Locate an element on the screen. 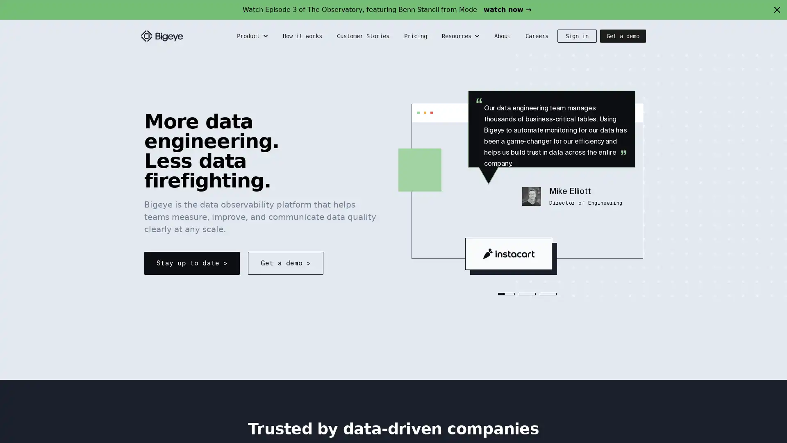  Product is located at coordinates (253, 36).